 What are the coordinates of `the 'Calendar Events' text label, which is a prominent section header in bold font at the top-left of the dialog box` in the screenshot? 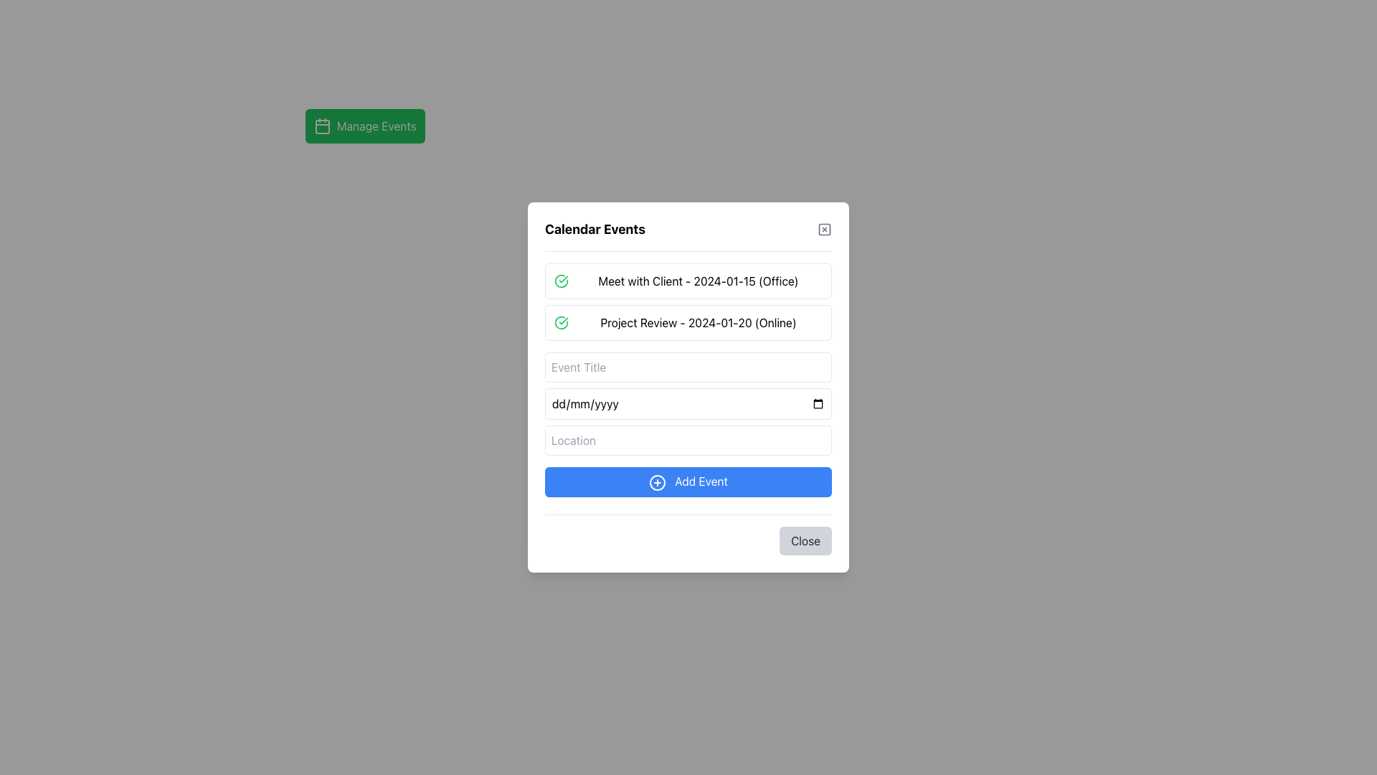 It's located at (595, 229).